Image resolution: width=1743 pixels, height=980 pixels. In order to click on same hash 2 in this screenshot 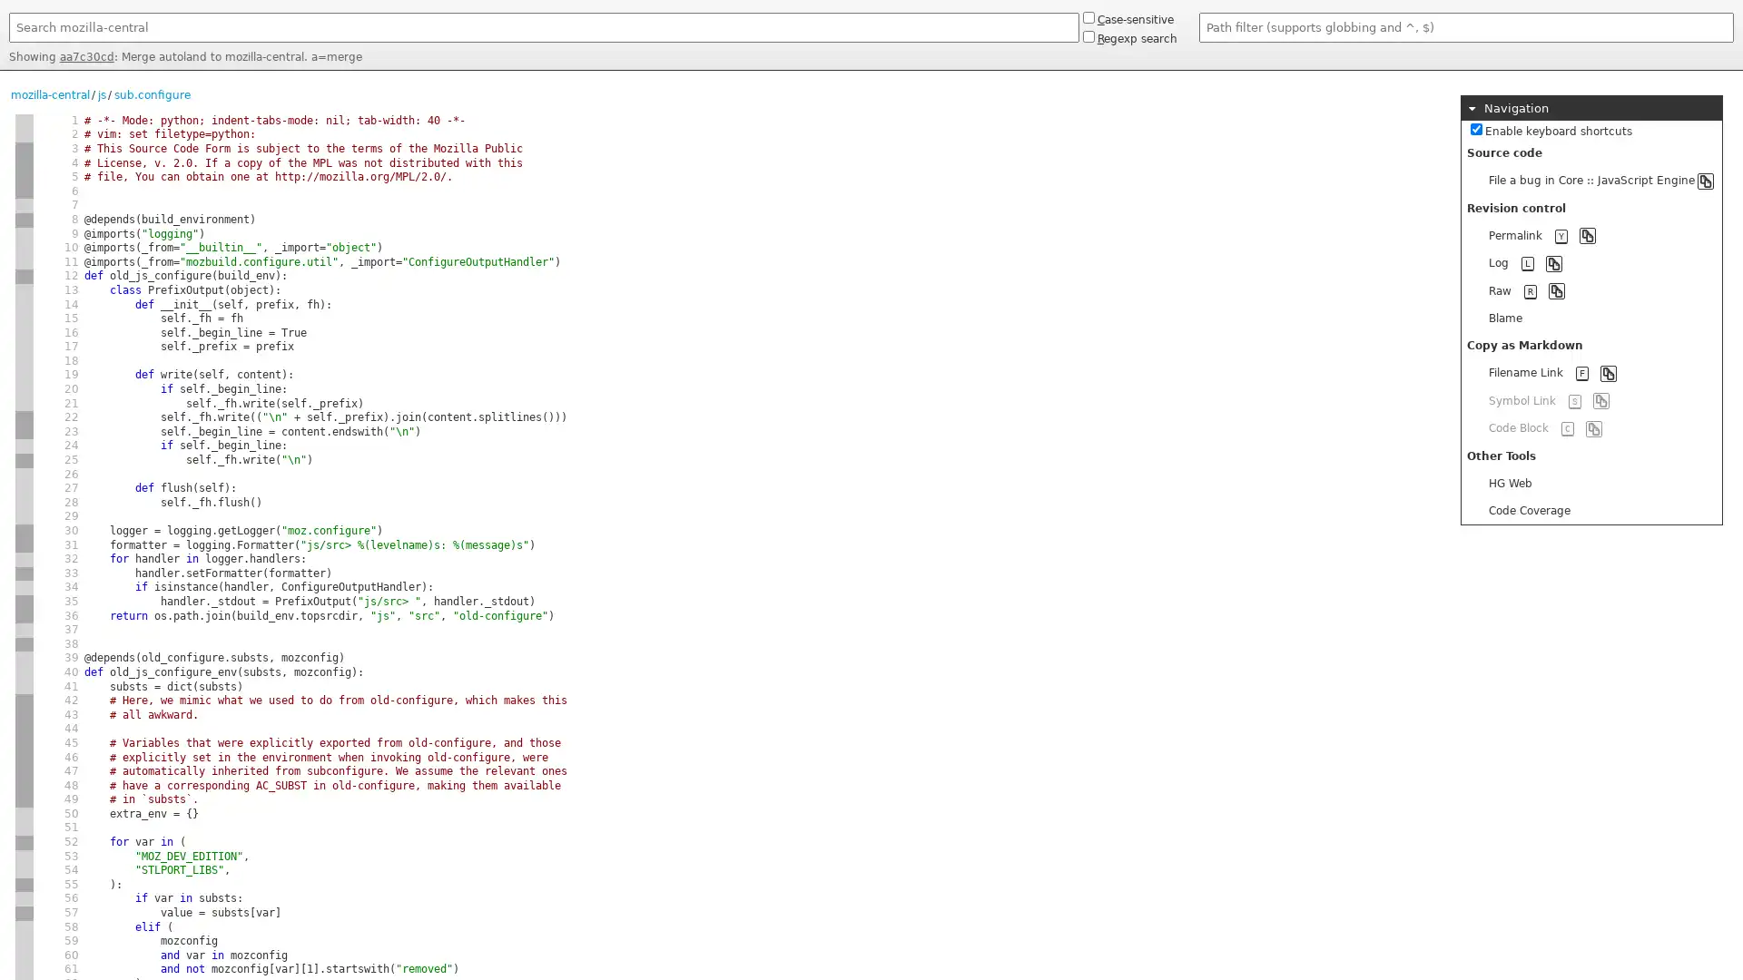, I will do `click(25, 163)`.